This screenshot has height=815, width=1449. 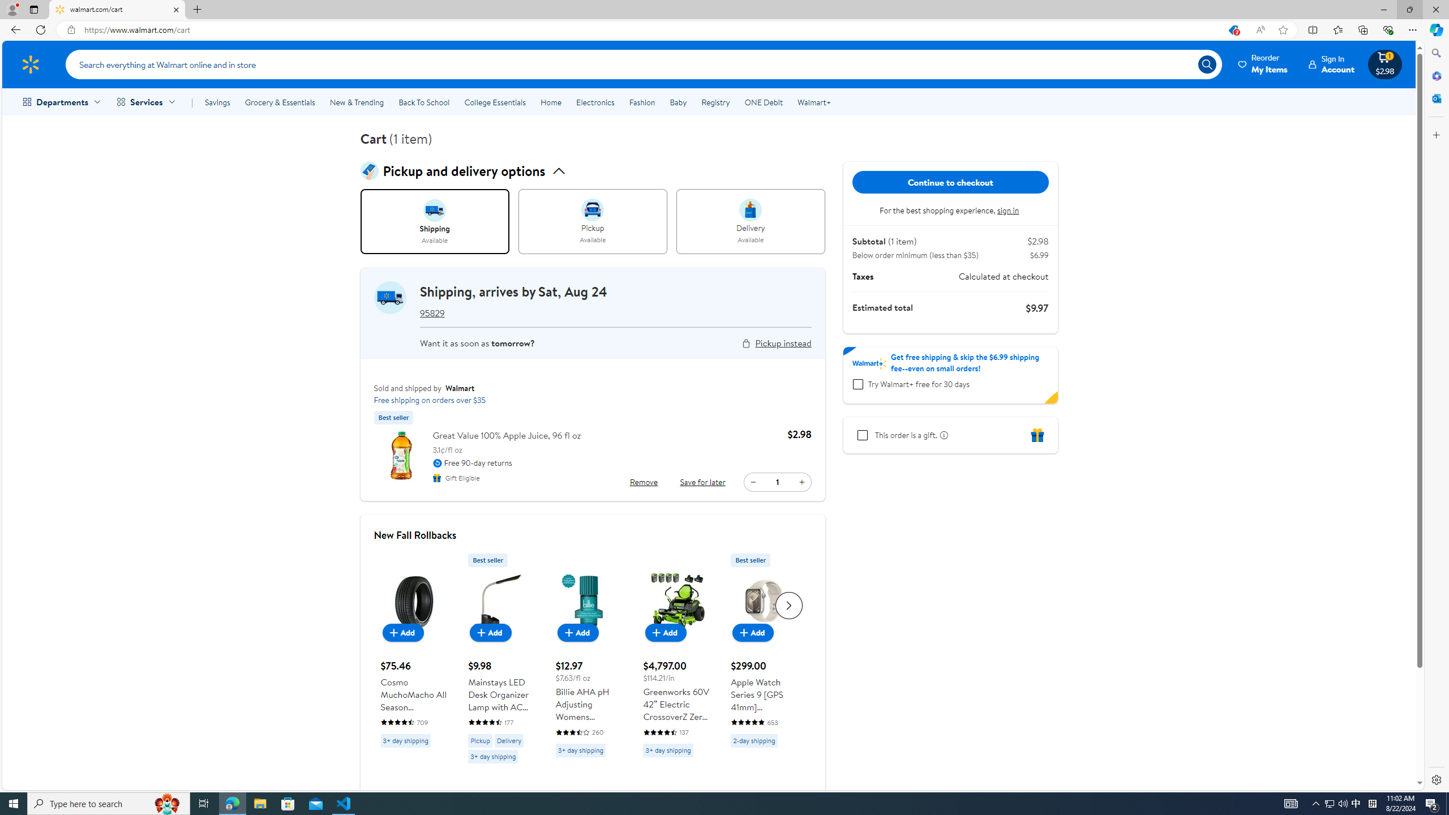 What do you see at coordinates (715, 102) in the screenshot?
I see `'Registry'` at bounding box center [715, 102].